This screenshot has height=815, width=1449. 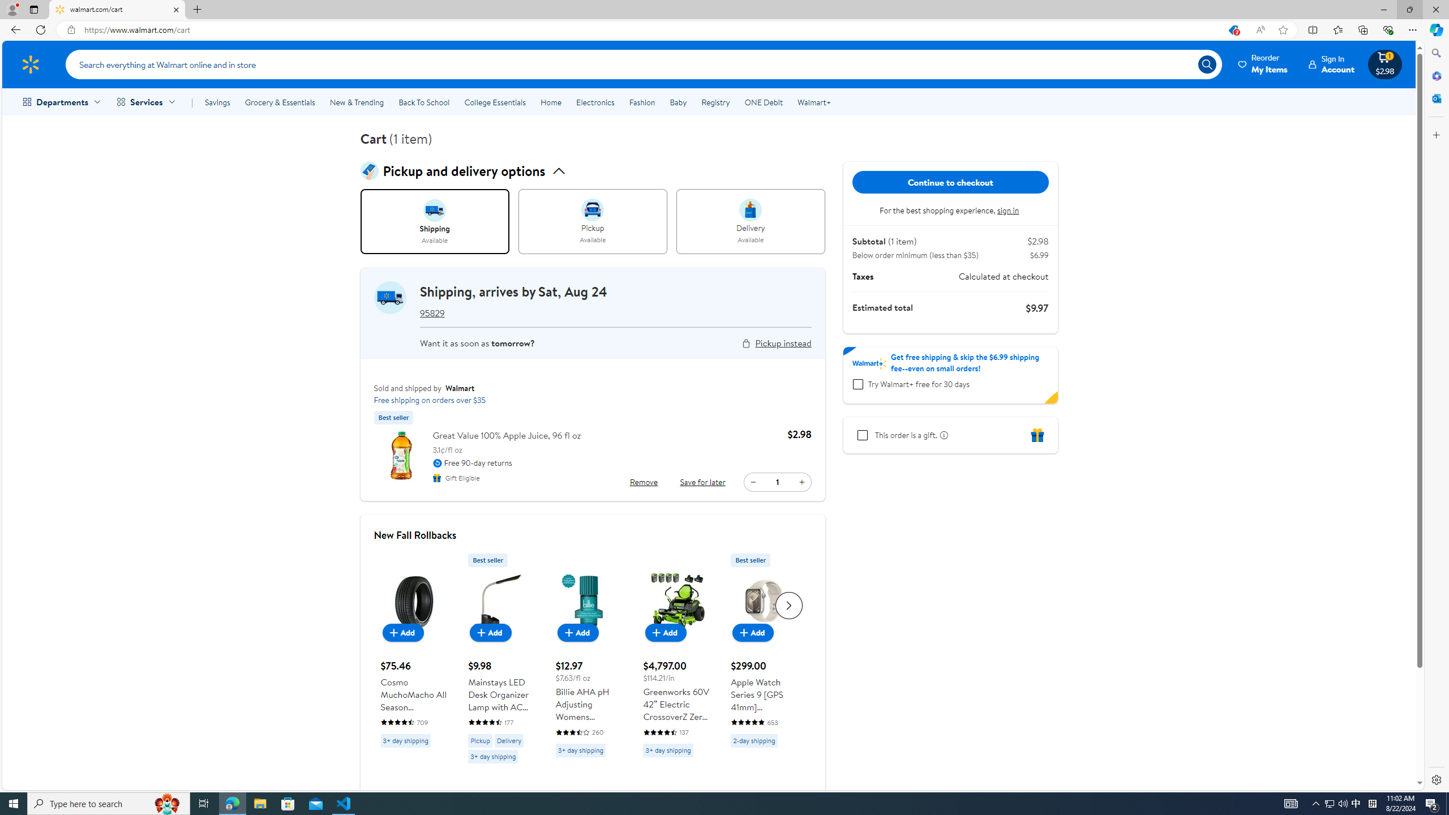 What do you see at coordinates (715, 102) in the screenshot?
I see `'Registry'` at bounding box center [715, 102].